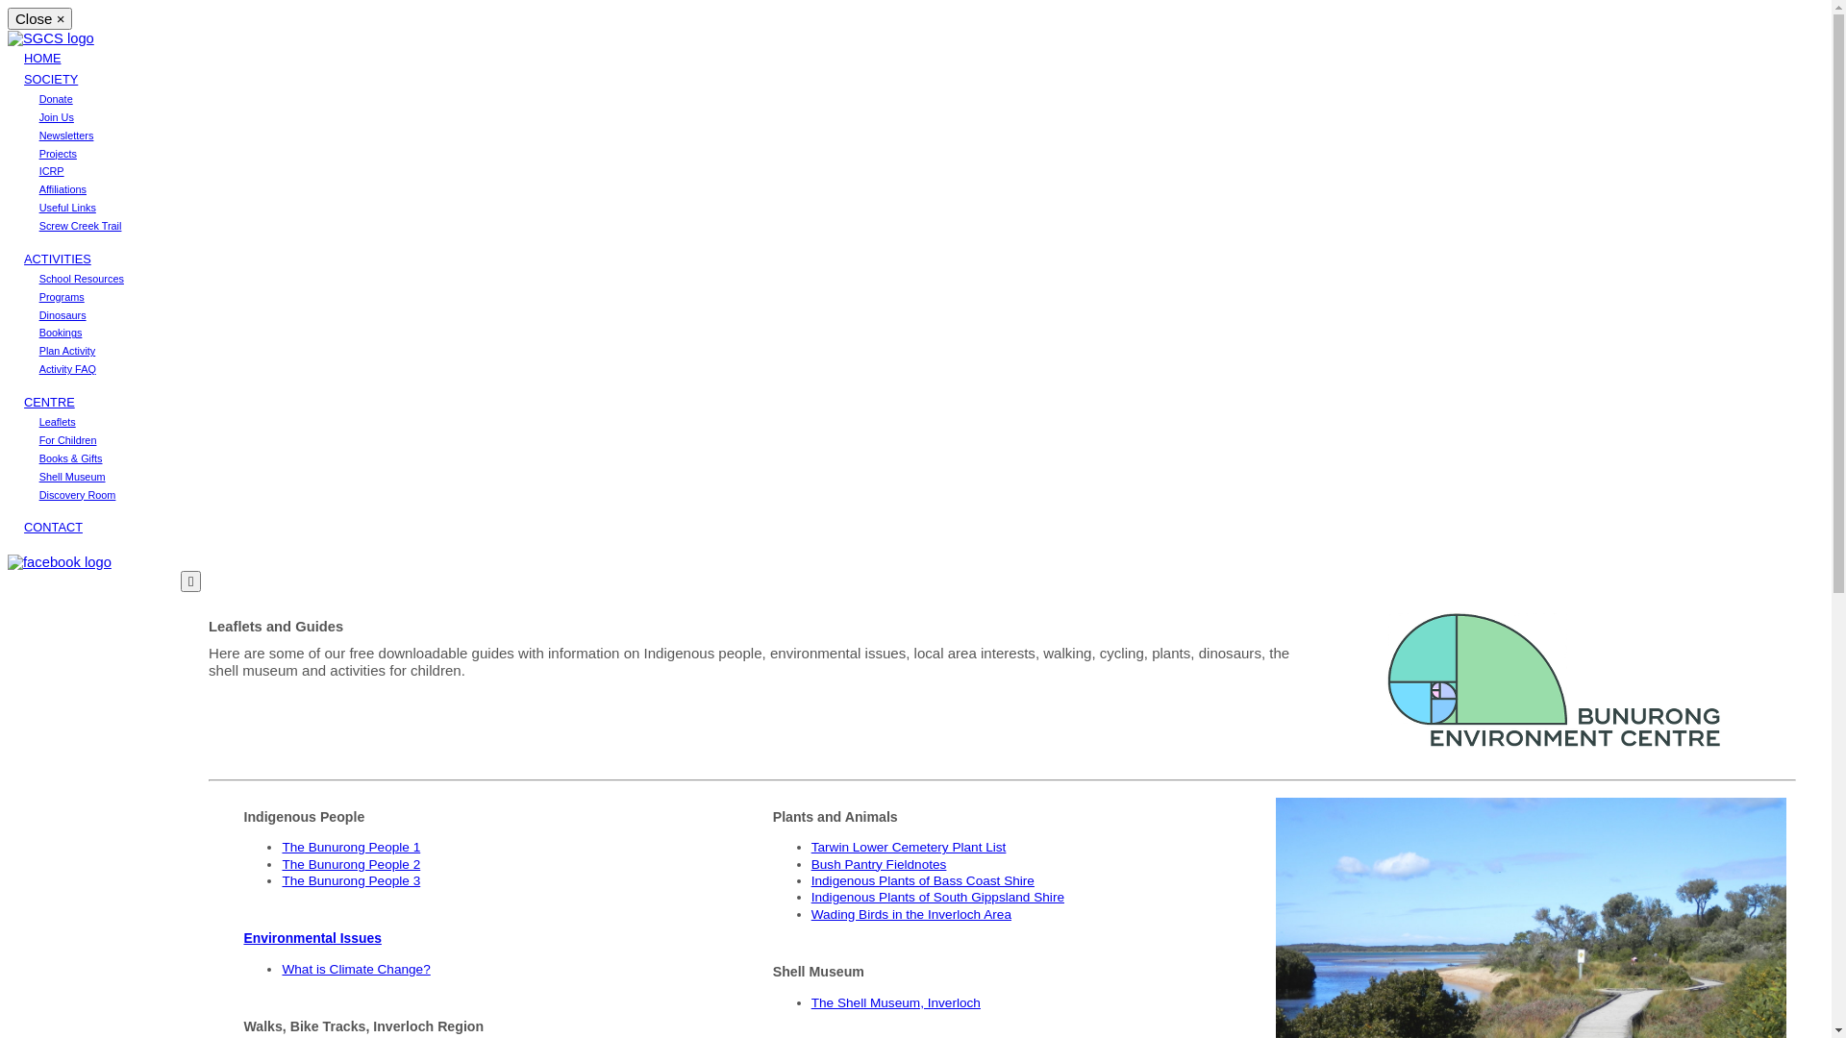  I want to click on 'Bush Pantry Fieldnotes', so click(878, 863).